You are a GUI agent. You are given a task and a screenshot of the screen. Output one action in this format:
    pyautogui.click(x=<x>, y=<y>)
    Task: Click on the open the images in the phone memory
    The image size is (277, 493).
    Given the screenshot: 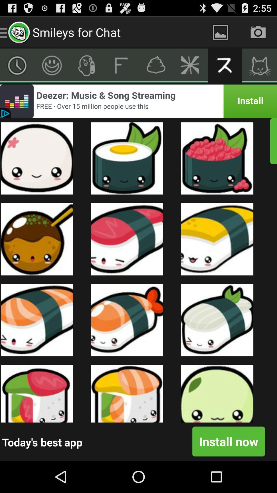 What is the action you would take?
    pyautogui.click(x=220, y=32)
    